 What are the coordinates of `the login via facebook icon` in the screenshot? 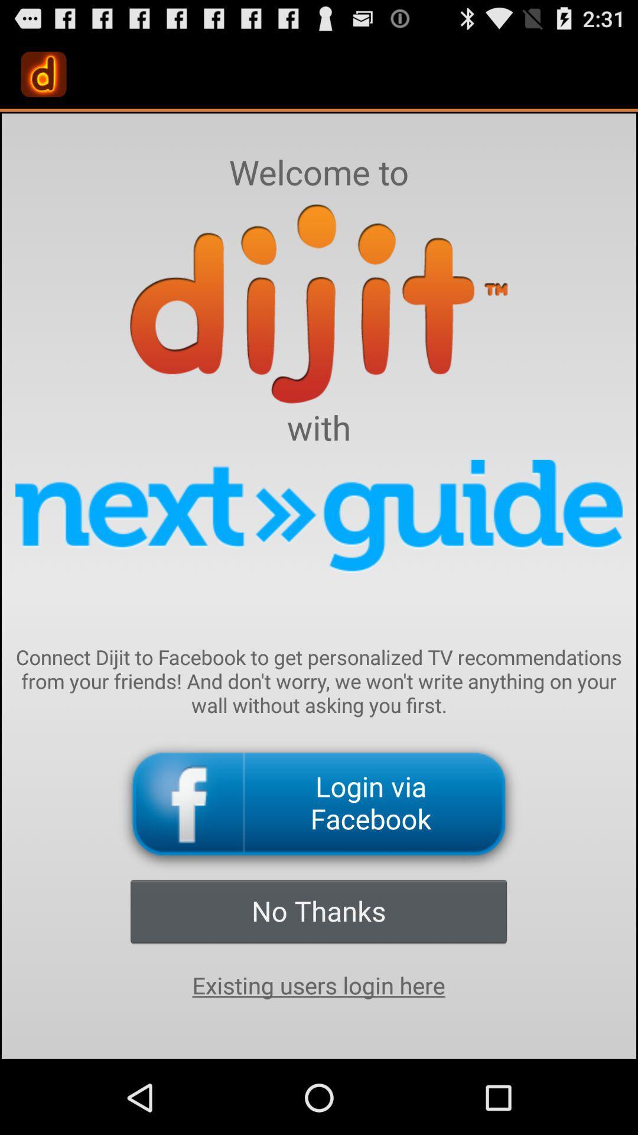 It's located at (319, 804).